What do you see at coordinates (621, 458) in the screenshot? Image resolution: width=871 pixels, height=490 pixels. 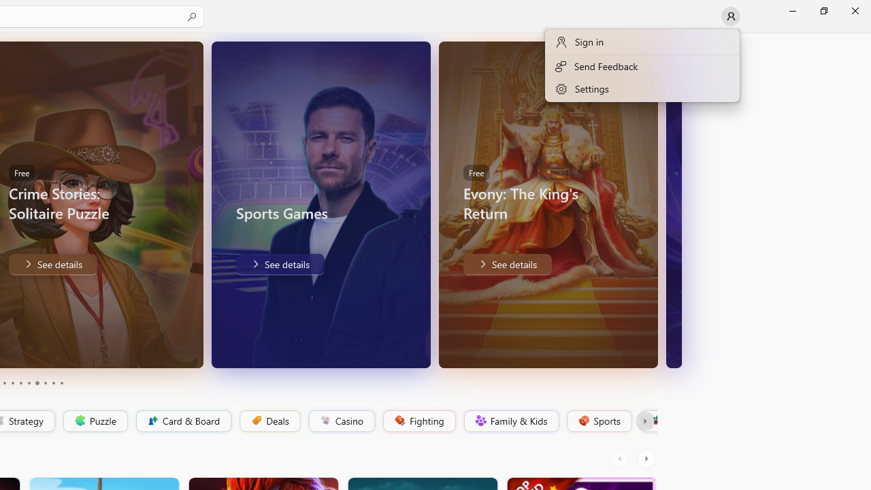 I see `'AutomationID: LeftScrollButton'` at bounding box center [621, 458].